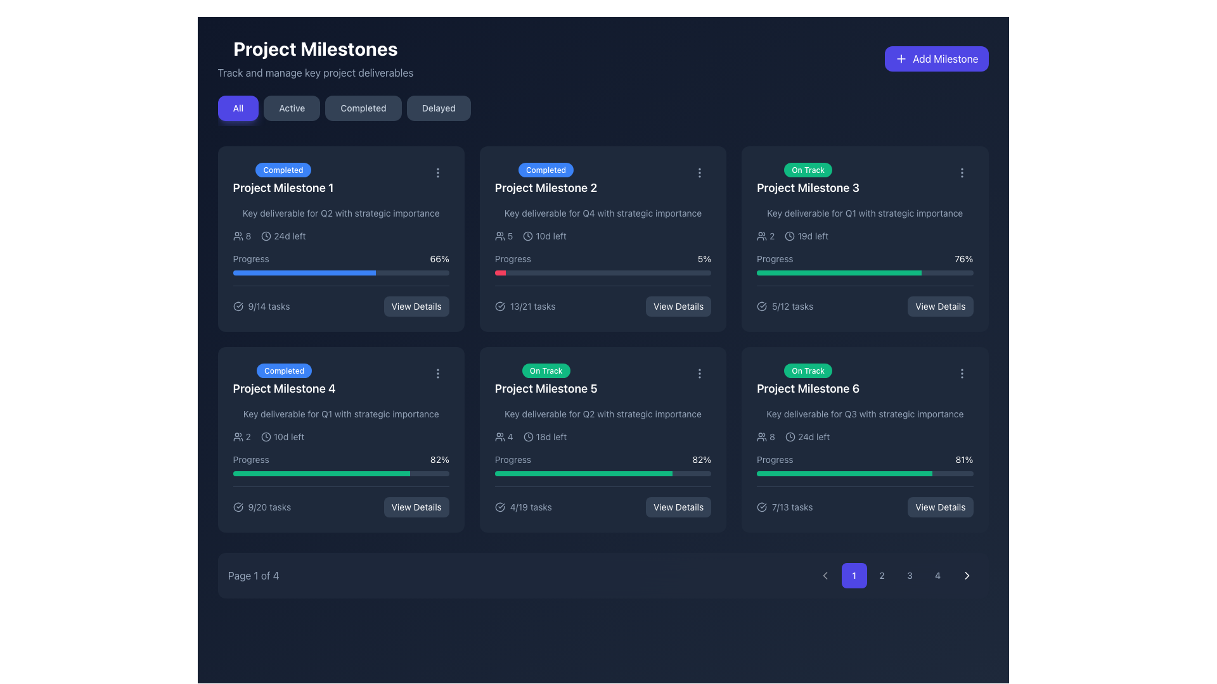  I want to click on the static text label reading 'Progress' that is styled in light gray, positioned above a progress bar in the milestone card for 'Project Milestone 1', so click(251, 258).